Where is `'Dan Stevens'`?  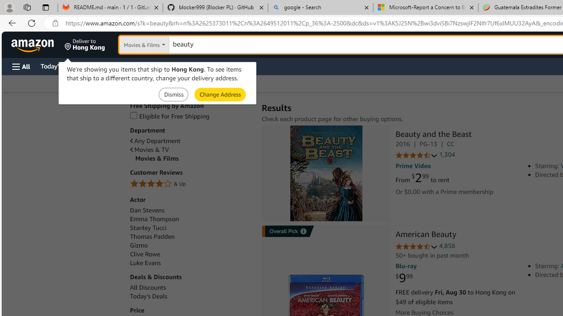 'Dan Stevens' is located at coordinates (190, 210).